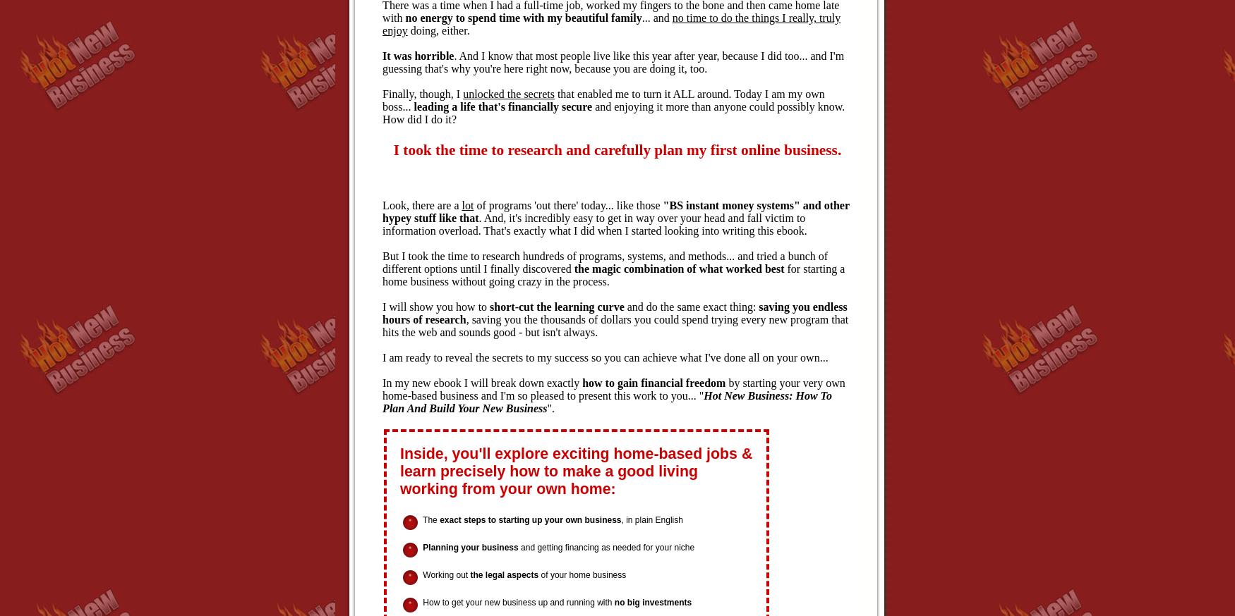 Image resolution: width=1235 pixels, height=616 pixels. Describe the element at coordinates (381, 205) in the screenshot. I see `'Look, there are a'` at that location.